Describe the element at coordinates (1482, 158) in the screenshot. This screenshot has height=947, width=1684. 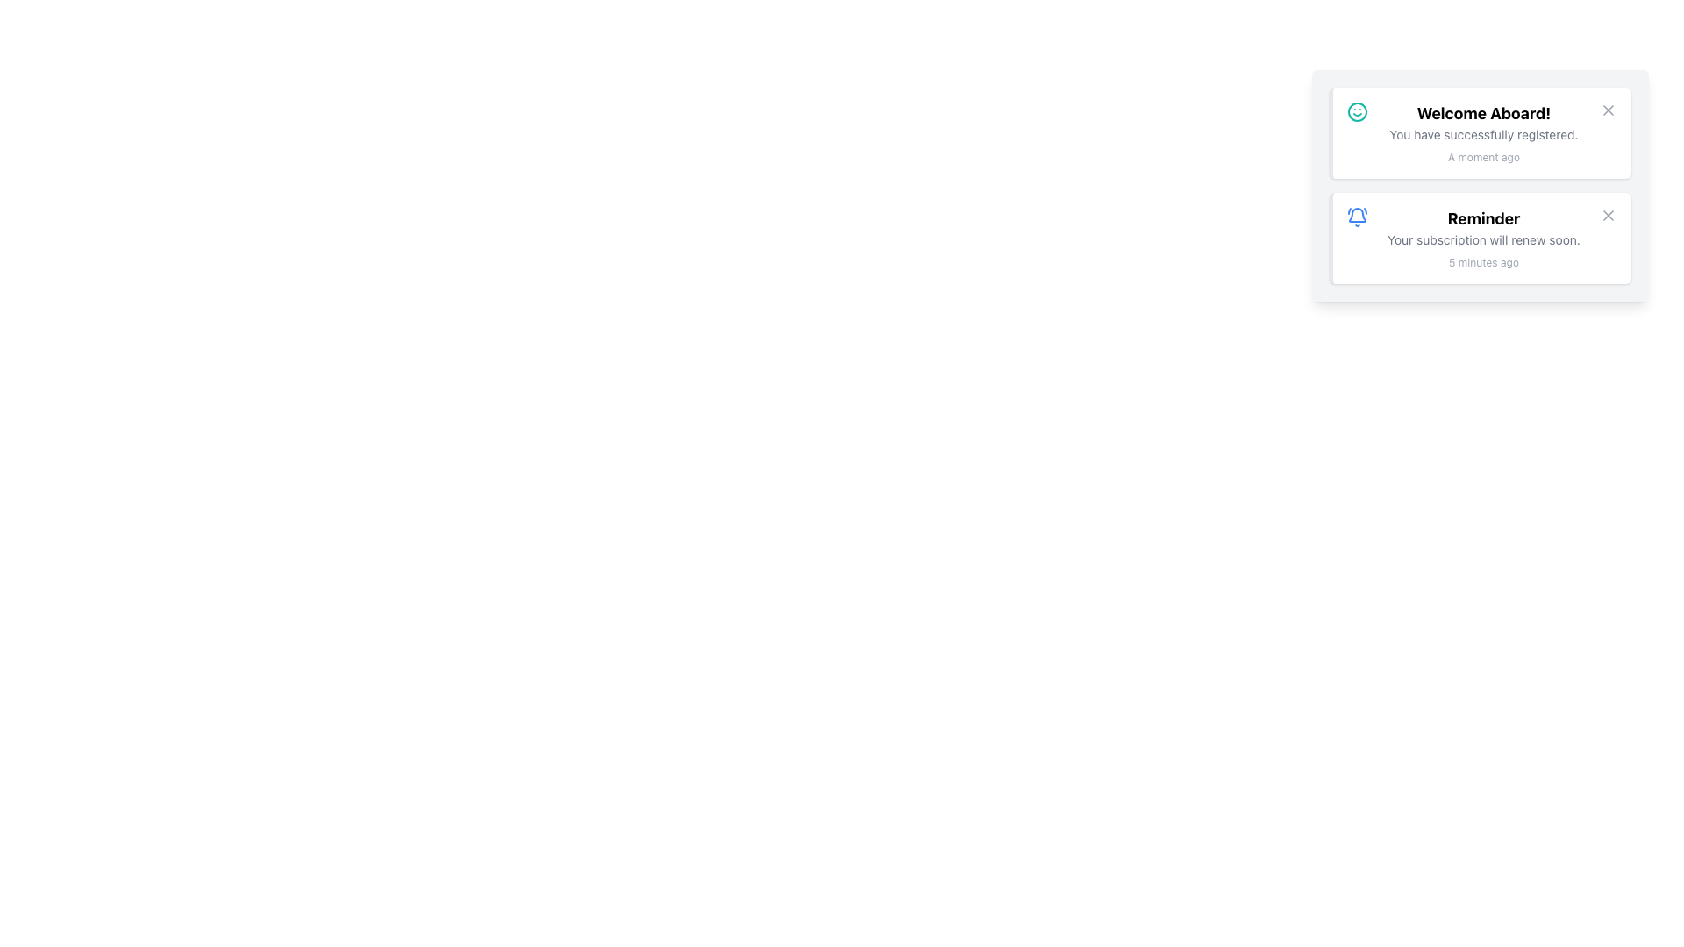
I see `the text label displaying 'A moment ago', which is located directly below the message 'You have successfully registered' in a notification box` at that location.